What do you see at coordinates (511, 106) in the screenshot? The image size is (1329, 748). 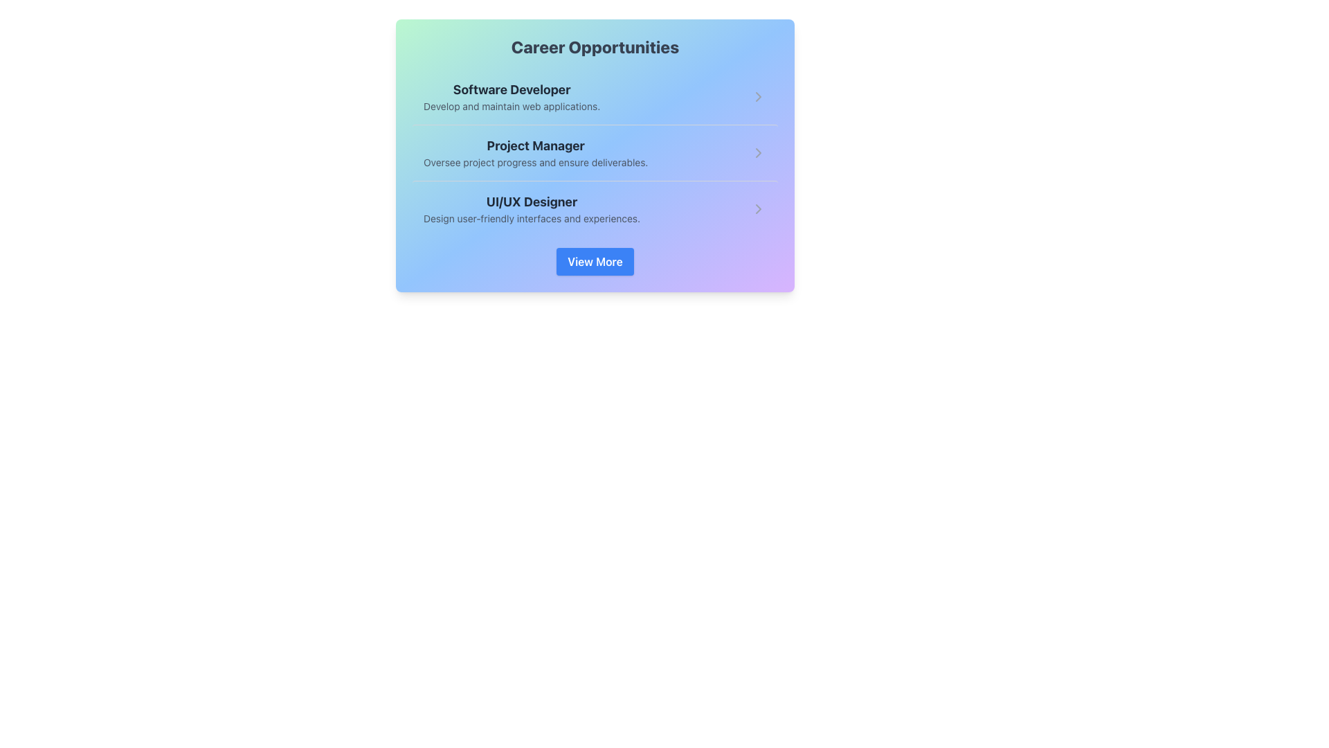 I see `the text label that provides a description for the title 'Software Developer', located directly below the title within a structured layout` at bounding box center [511, 106].